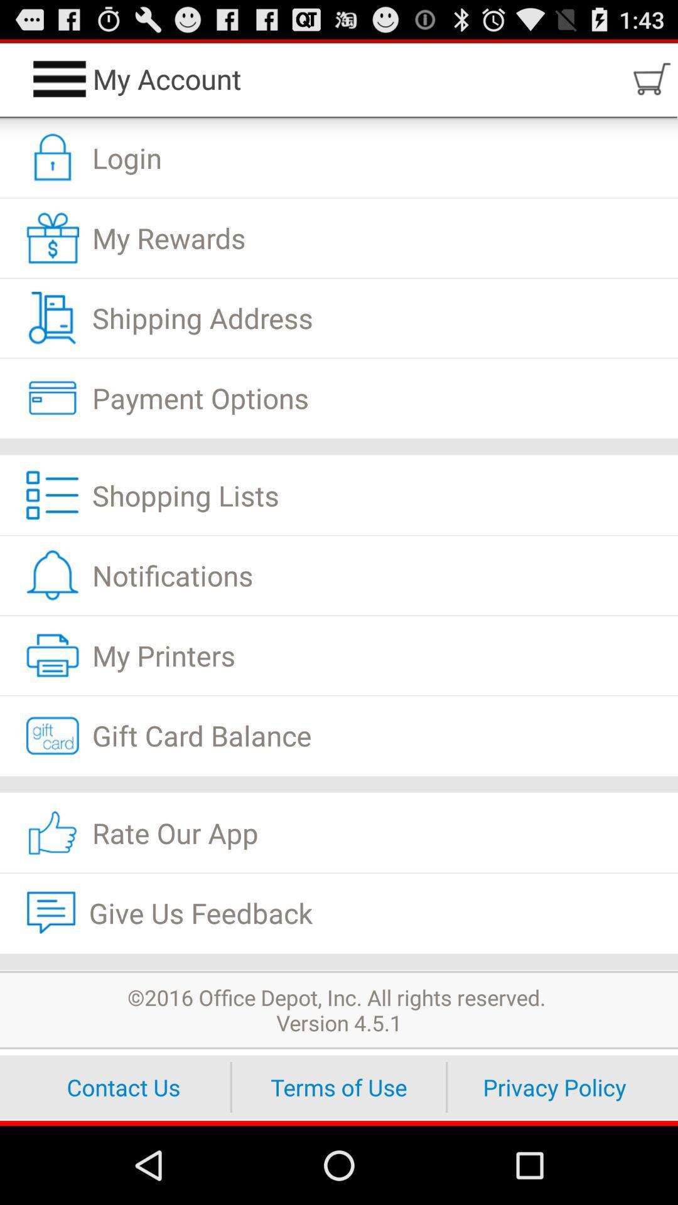 The width and height of the screenshot is (678, 1205). I want to click on give us feedback item, so click(339, 913).